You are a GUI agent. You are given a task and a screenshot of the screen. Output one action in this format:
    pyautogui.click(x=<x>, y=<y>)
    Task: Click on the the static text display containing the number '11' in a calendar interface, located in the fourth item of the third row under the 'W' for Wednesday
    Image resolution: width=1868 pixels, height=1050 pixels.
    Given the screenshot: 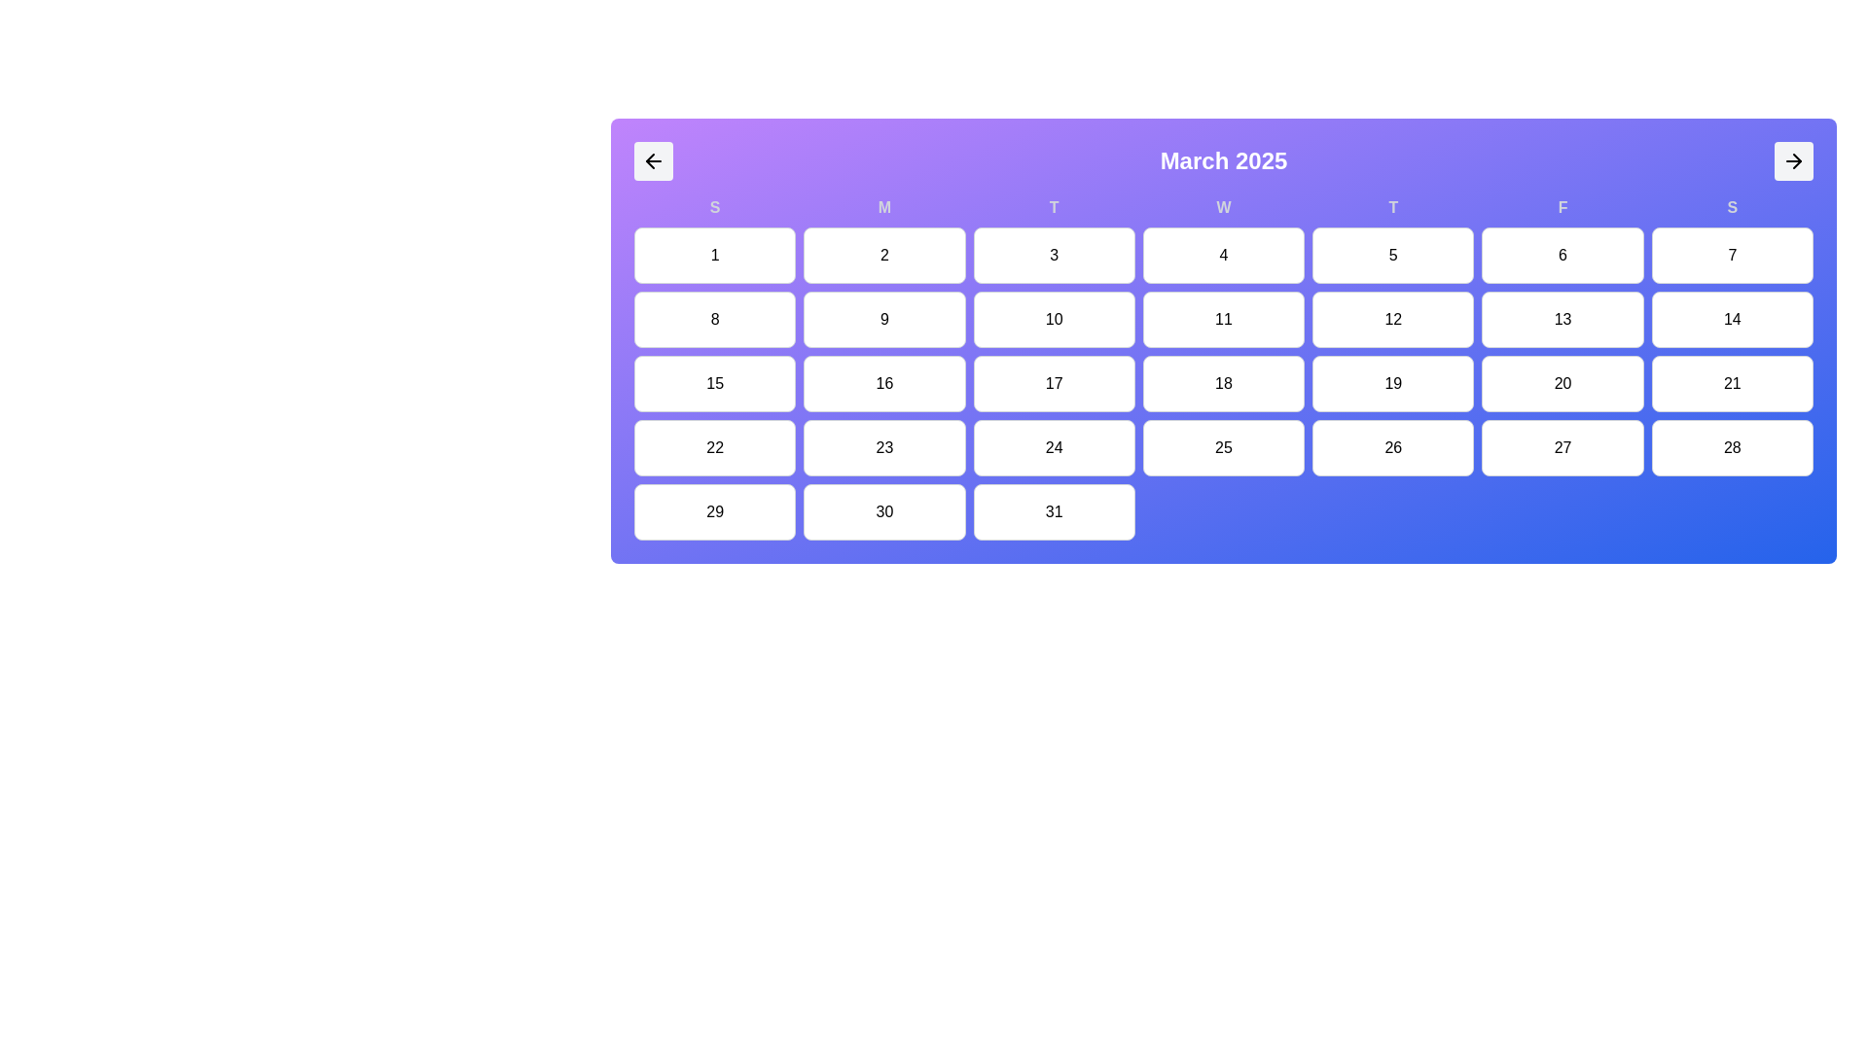 What is the action you would take?
    pyautogui.click(x=1222, y=318)
    